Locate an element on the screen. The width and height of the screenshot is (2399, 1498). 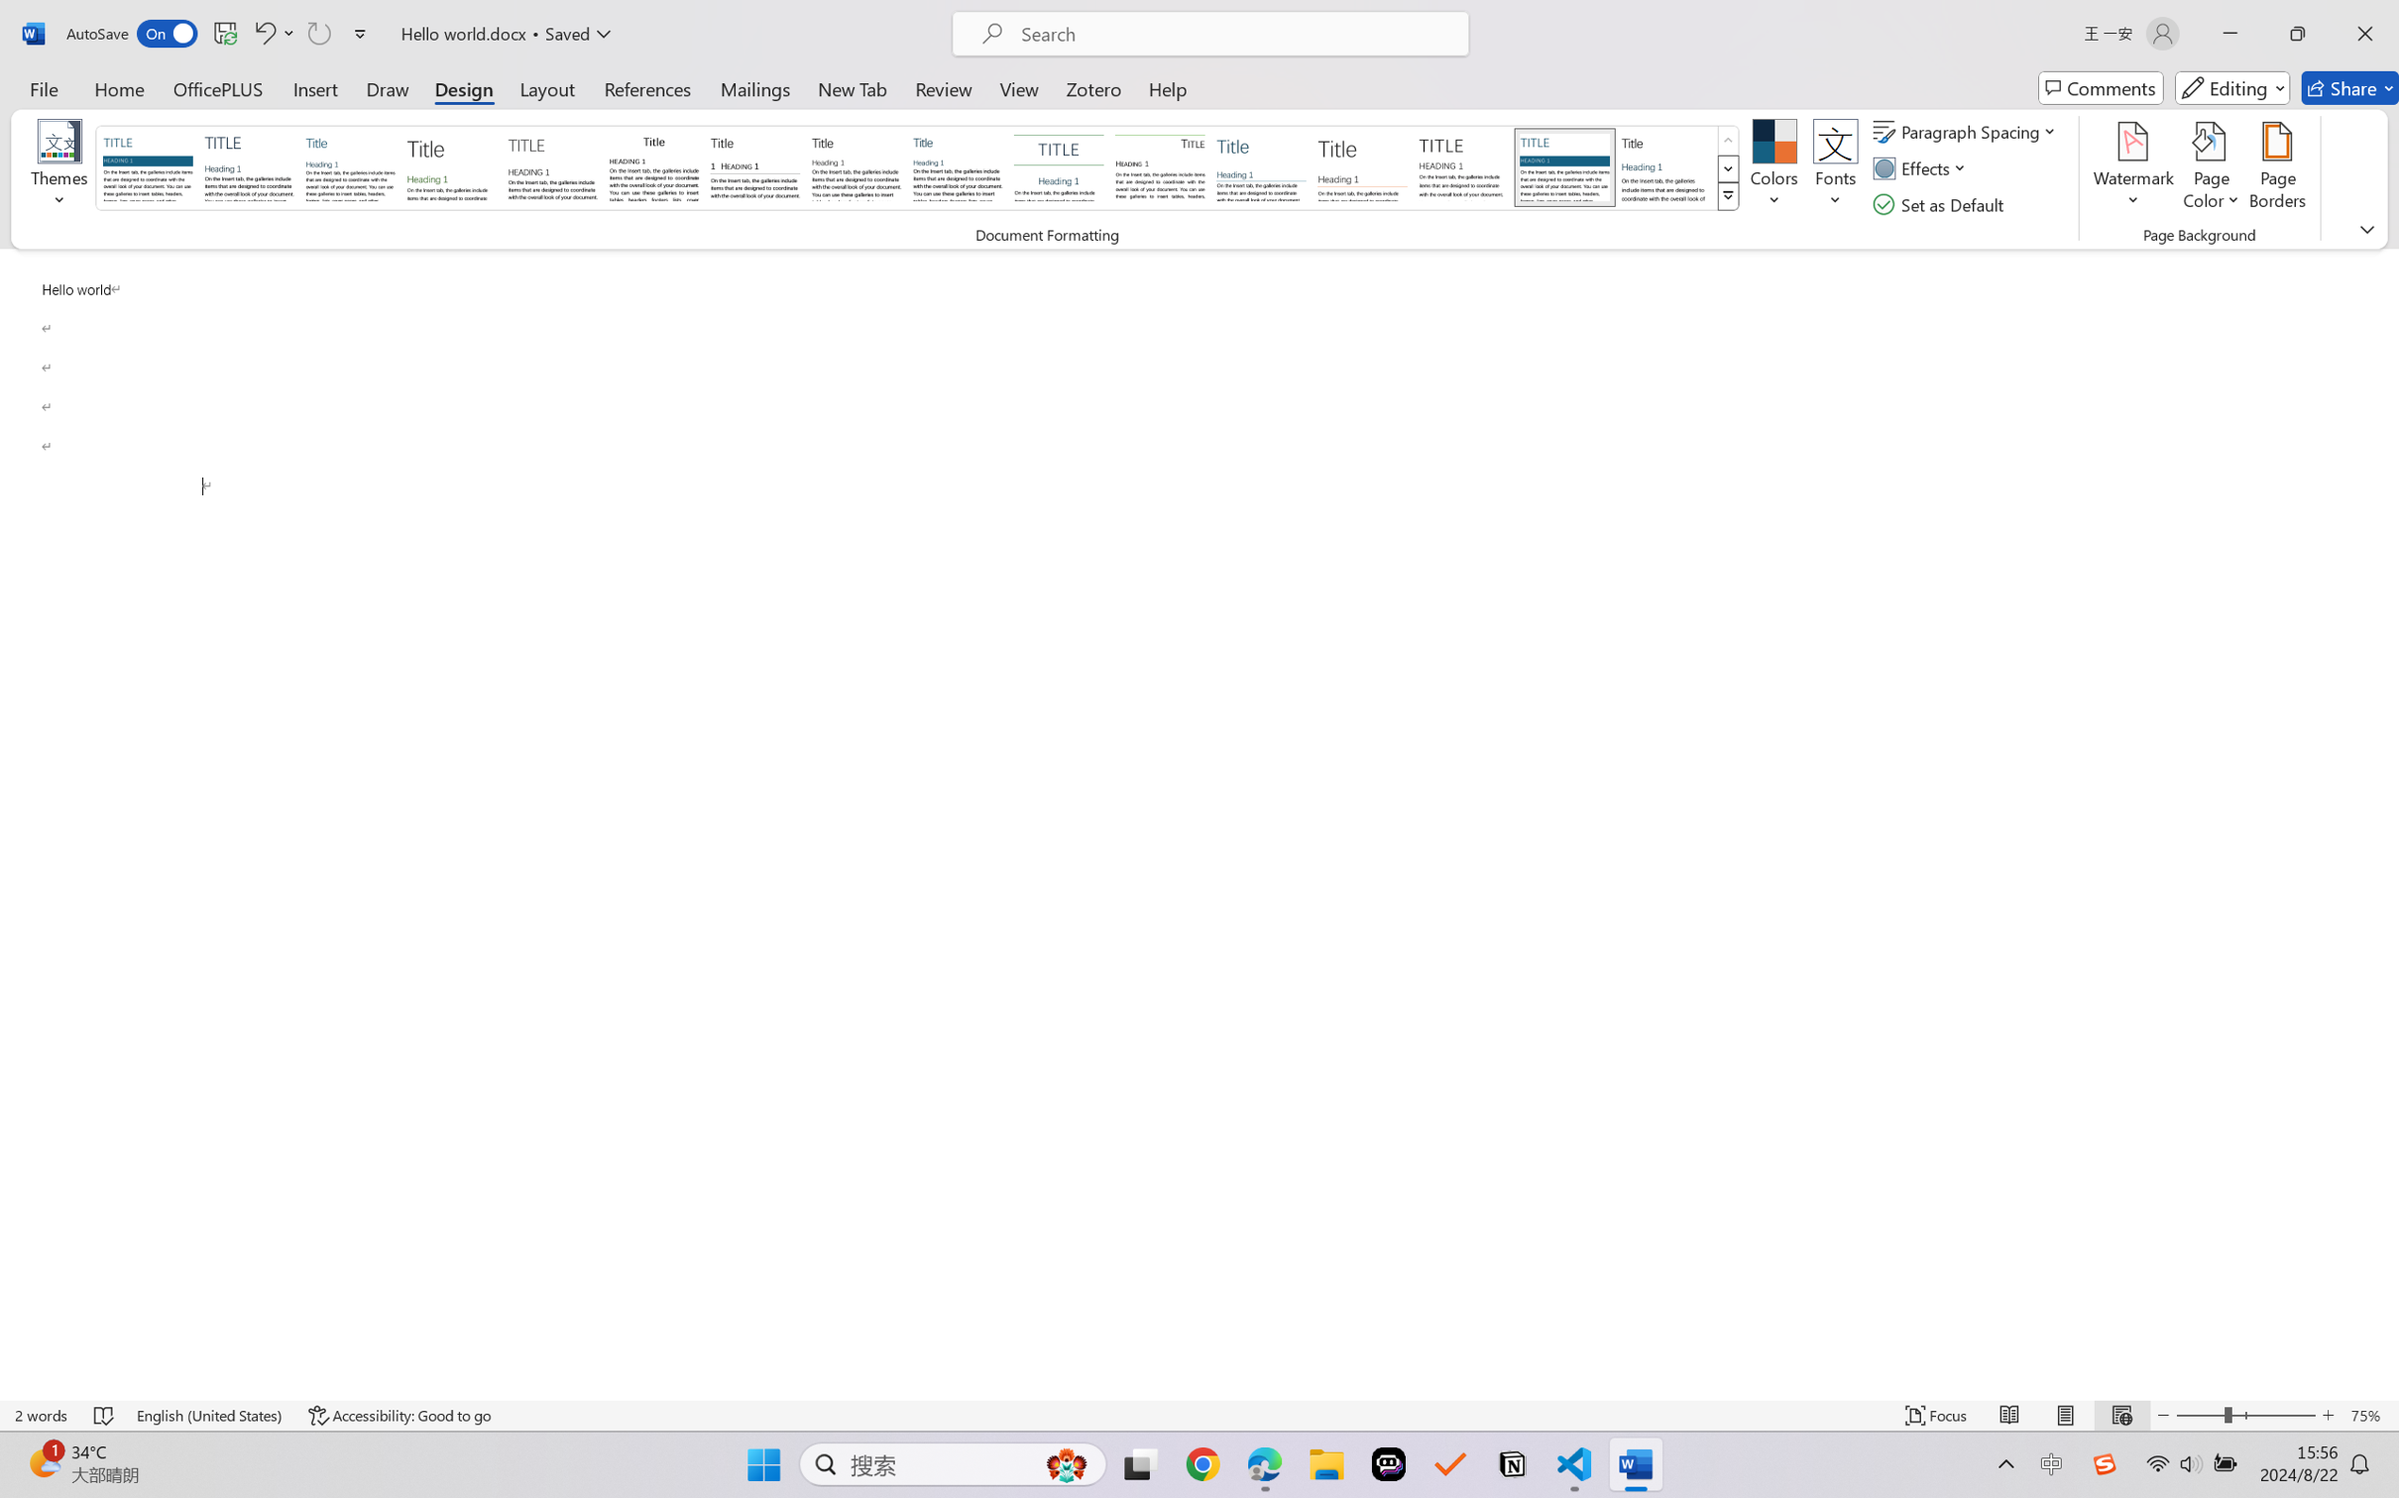
'Page Borders...' is located at coordinates (2276, 168).